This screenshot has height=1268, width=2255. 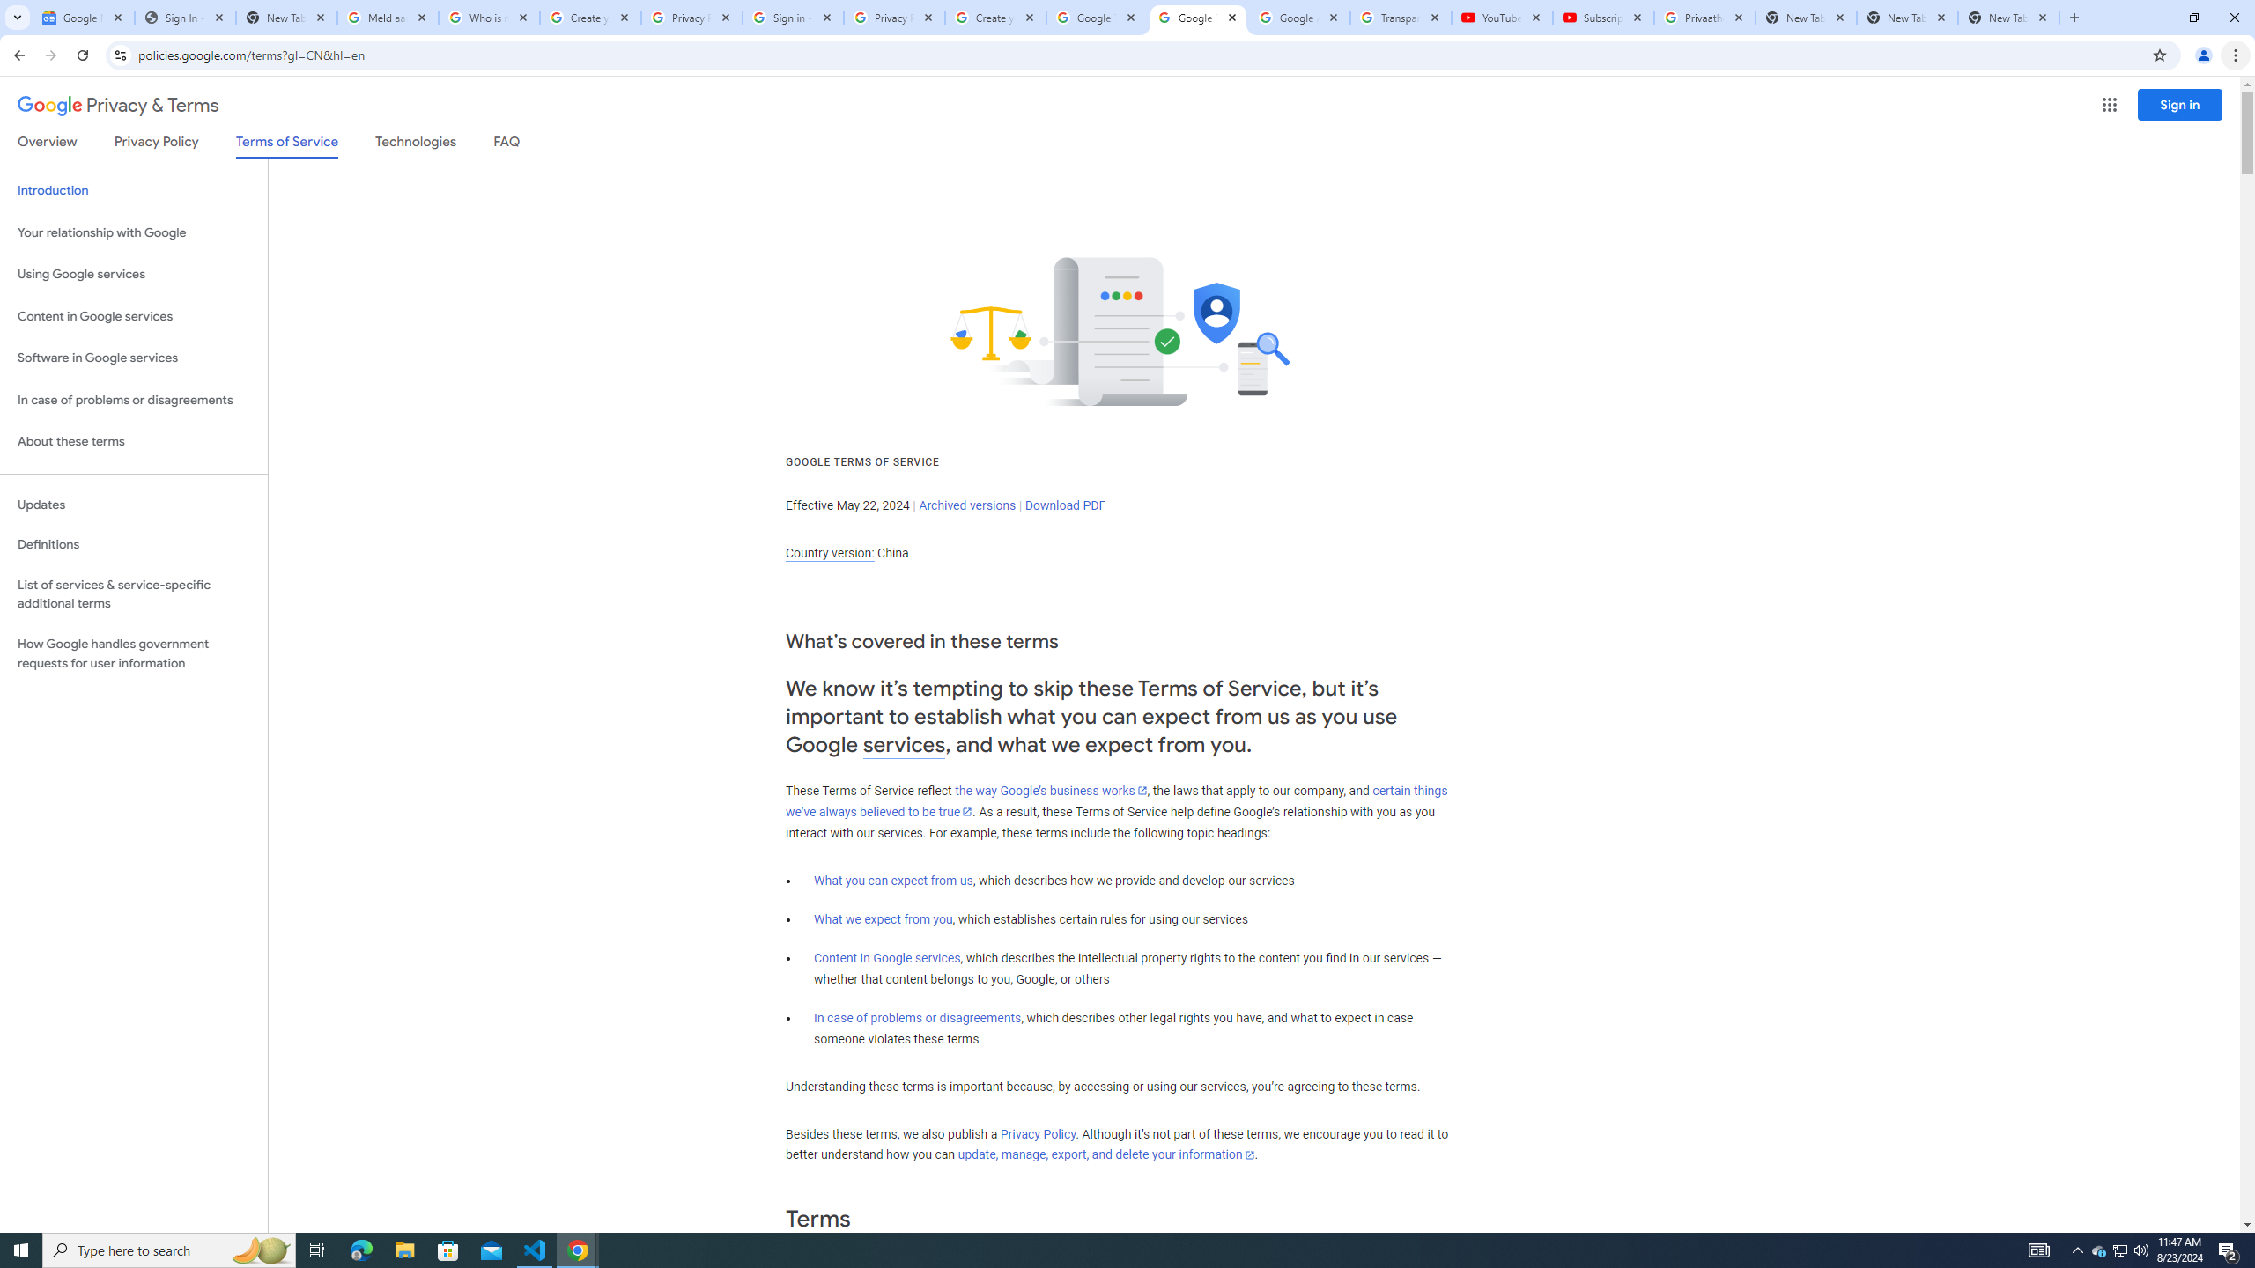 What do you see at coordinates (1064, 504) in the screenshot?
I see `'Download PDF'` at bounding box center [1064, 504].